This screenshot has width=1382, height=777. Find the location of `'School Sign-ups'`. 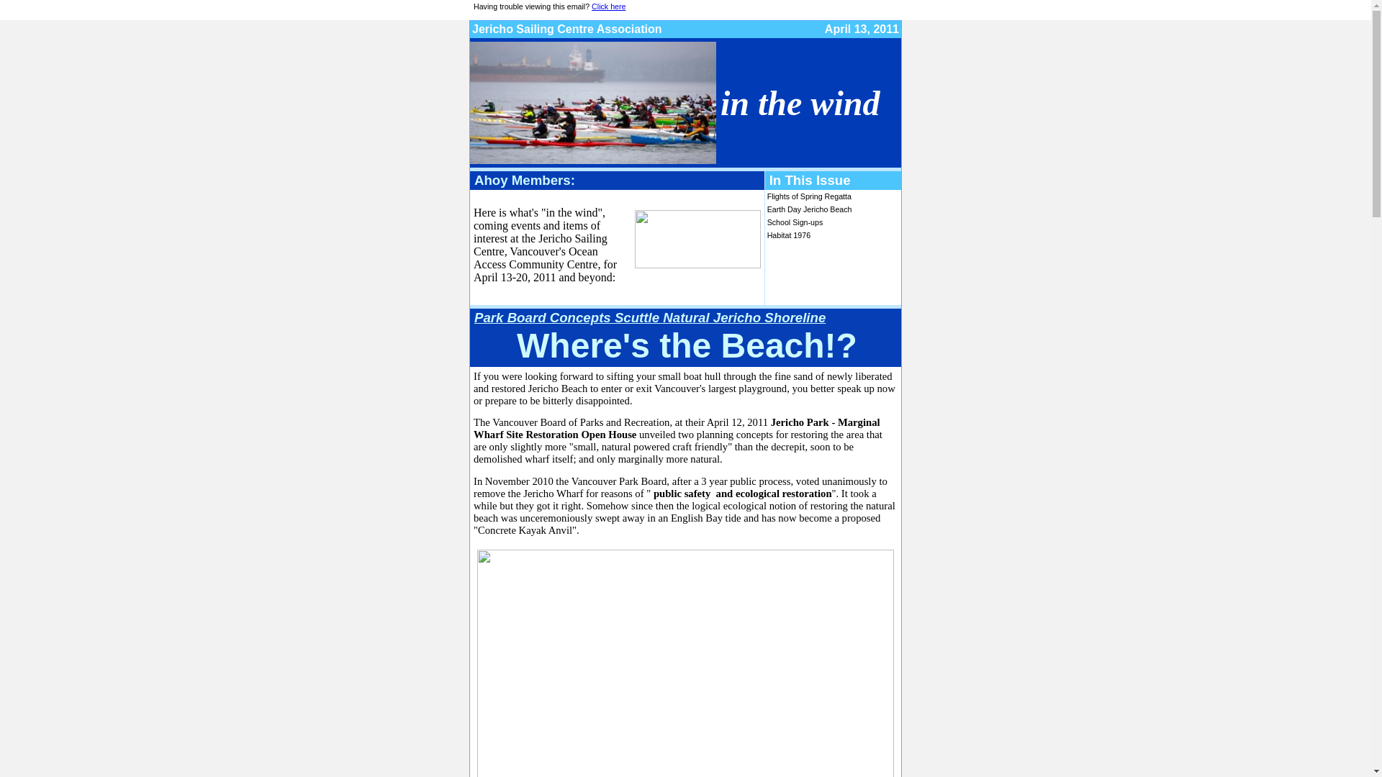

'School Sign-ups' is located at coordinates (794, 222).